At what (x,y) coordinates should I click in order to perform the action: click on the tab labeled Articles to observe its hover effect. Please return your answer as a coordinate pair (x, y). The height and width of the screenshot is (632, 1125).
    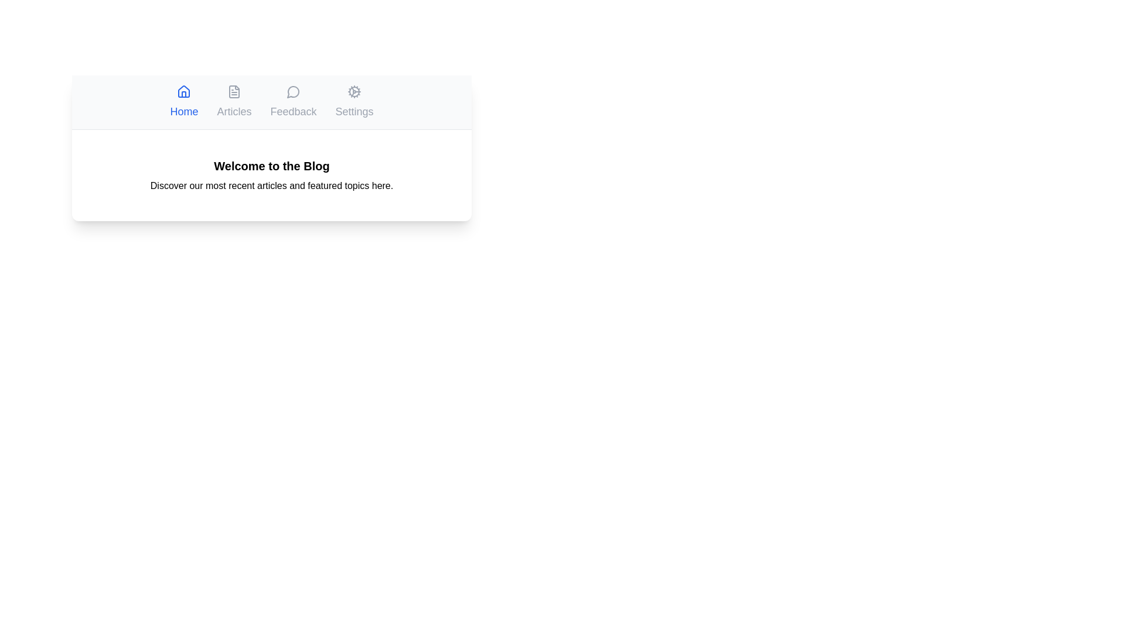
    Looking at the image, I should click on (234, 101).